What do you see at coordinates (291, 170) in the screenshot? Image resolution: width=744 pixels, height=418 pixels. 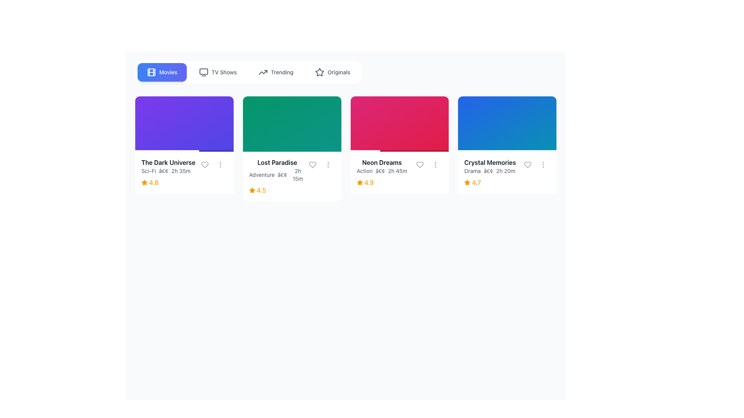 I see `the Text label displaying the movie genre and runtime information for 'Lost Paradise', which is located below the title and to the left of the heart and vertical ellipsis icons` at bounding box center [291, 170].